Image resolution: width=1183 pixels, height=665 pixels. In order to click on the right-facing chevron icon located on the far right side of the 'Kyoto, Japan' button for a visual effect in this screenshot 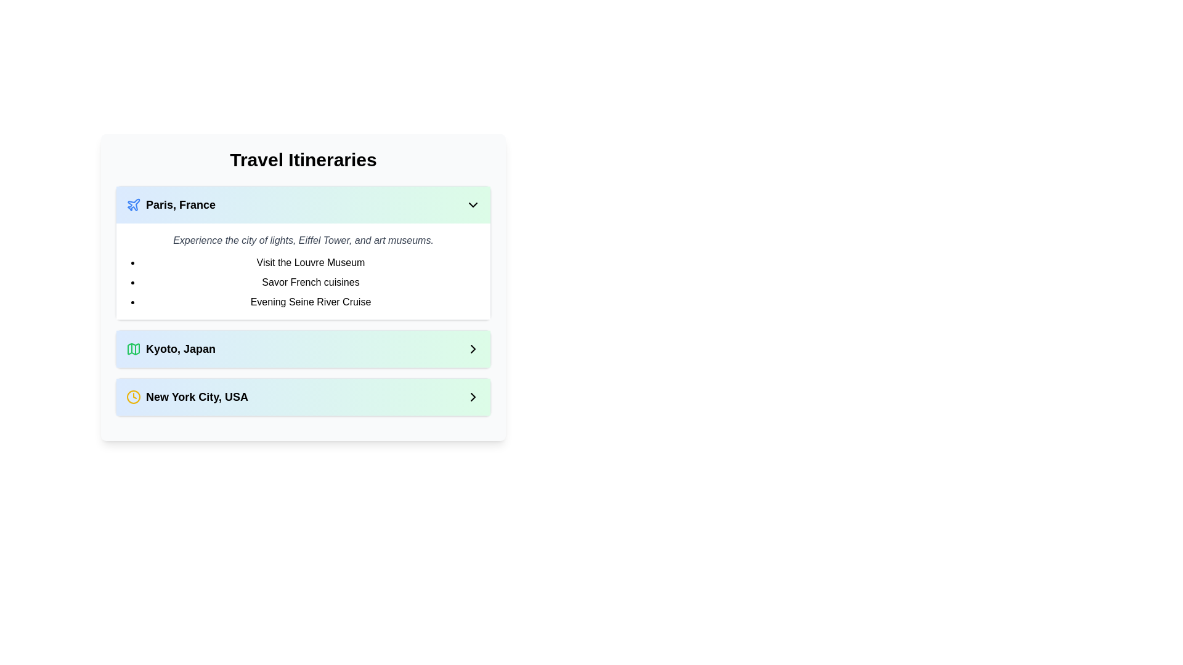, I will do `click(473, 349)`.